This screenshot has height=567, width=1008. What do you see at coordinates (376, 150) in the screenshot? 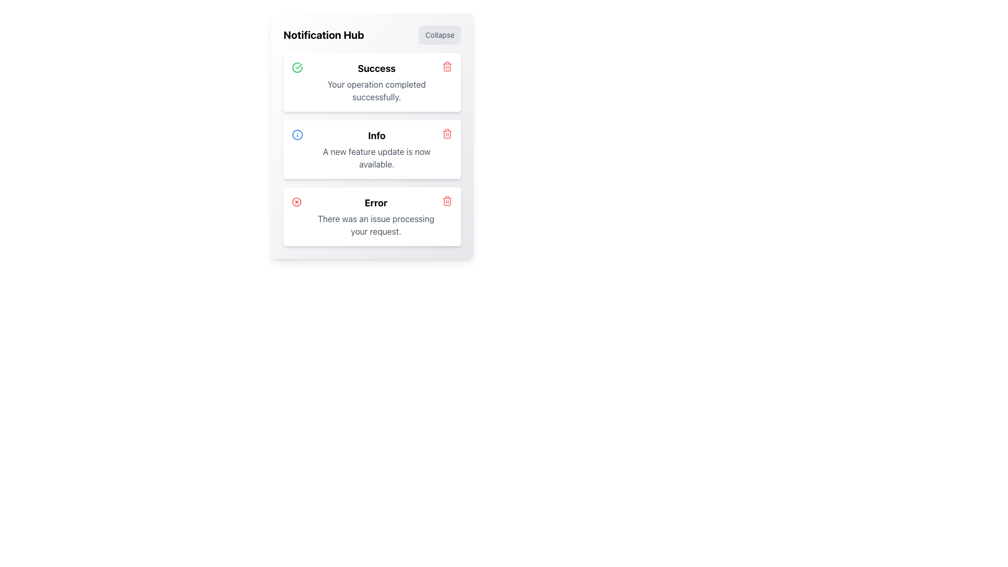
I see `the second notification item in the 'Notification Hub', which informs the user about a new feature update` at bounding box center [376, 150].